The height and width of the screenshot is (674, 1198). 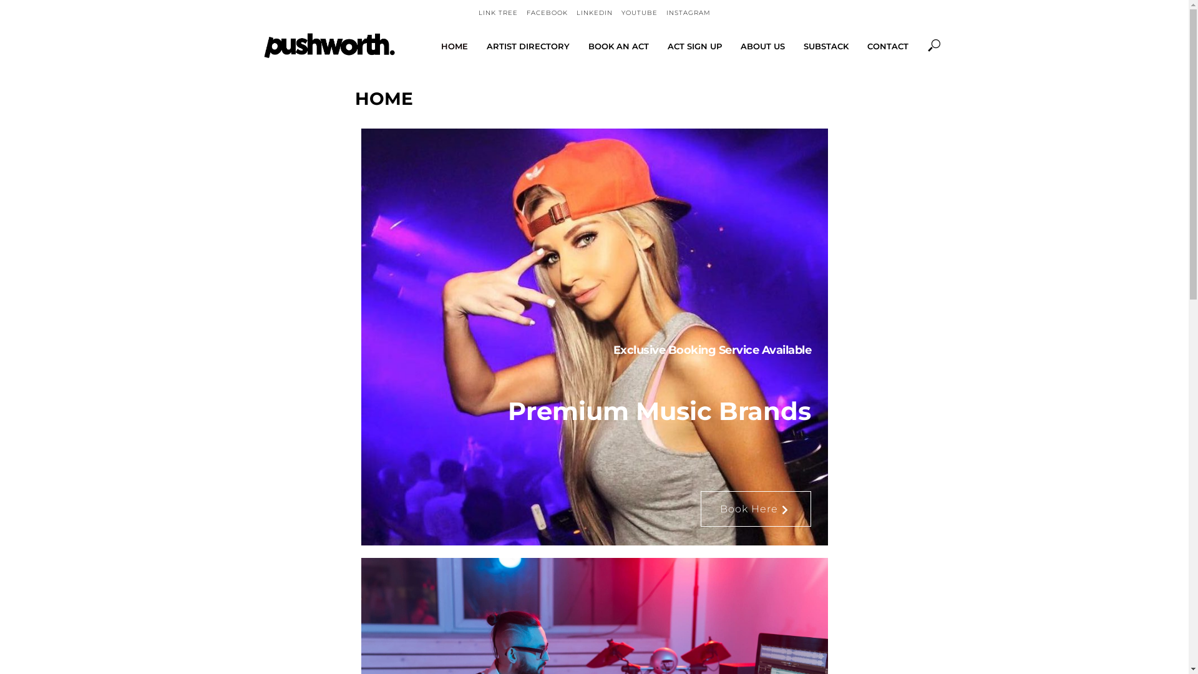 What do you see at coordinates (688, 12) in the screenshot?
I see `'INSTAGRAM'` at bounding box center [688, 12].